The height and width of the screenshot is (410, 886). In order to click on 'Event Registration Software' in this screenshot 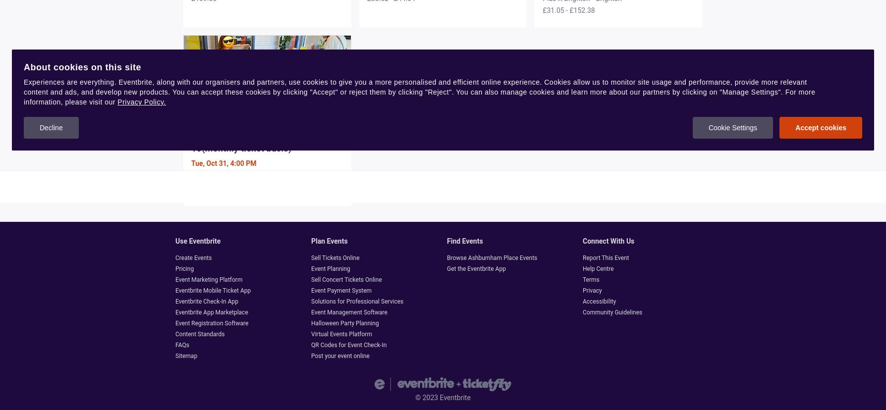, I will do `click(211, 323)`.